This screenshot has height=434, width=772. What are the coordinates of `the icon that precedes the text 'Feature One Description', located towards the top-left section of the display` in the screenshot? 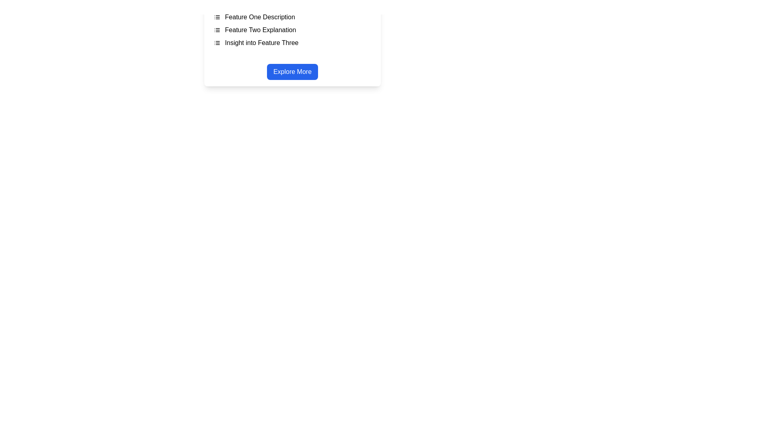 It's located at (217, 17).